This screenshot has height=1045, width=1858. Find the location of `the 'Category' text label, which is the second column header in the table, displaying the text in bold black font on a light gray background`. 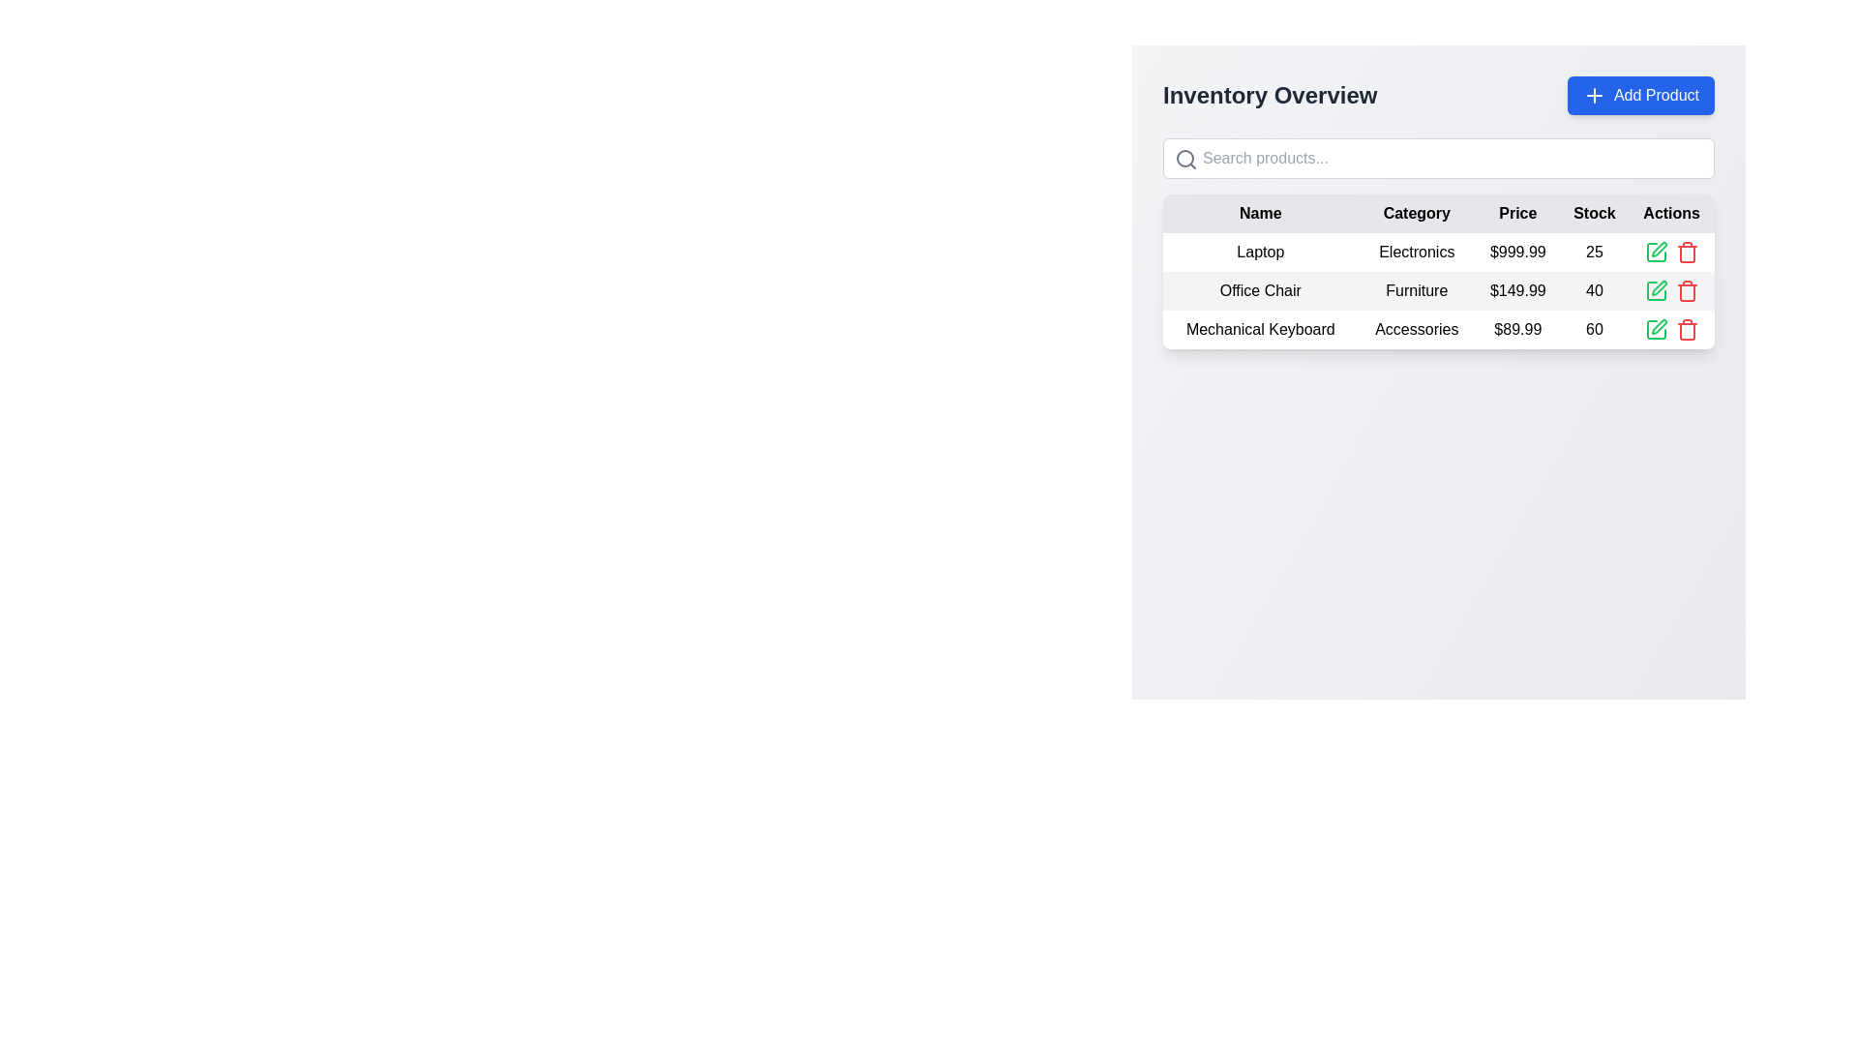

the 'Category' text label, which is the second column header in the table, displaying the text in bold black font on a light gray background is located at coordinates (1417, 213).